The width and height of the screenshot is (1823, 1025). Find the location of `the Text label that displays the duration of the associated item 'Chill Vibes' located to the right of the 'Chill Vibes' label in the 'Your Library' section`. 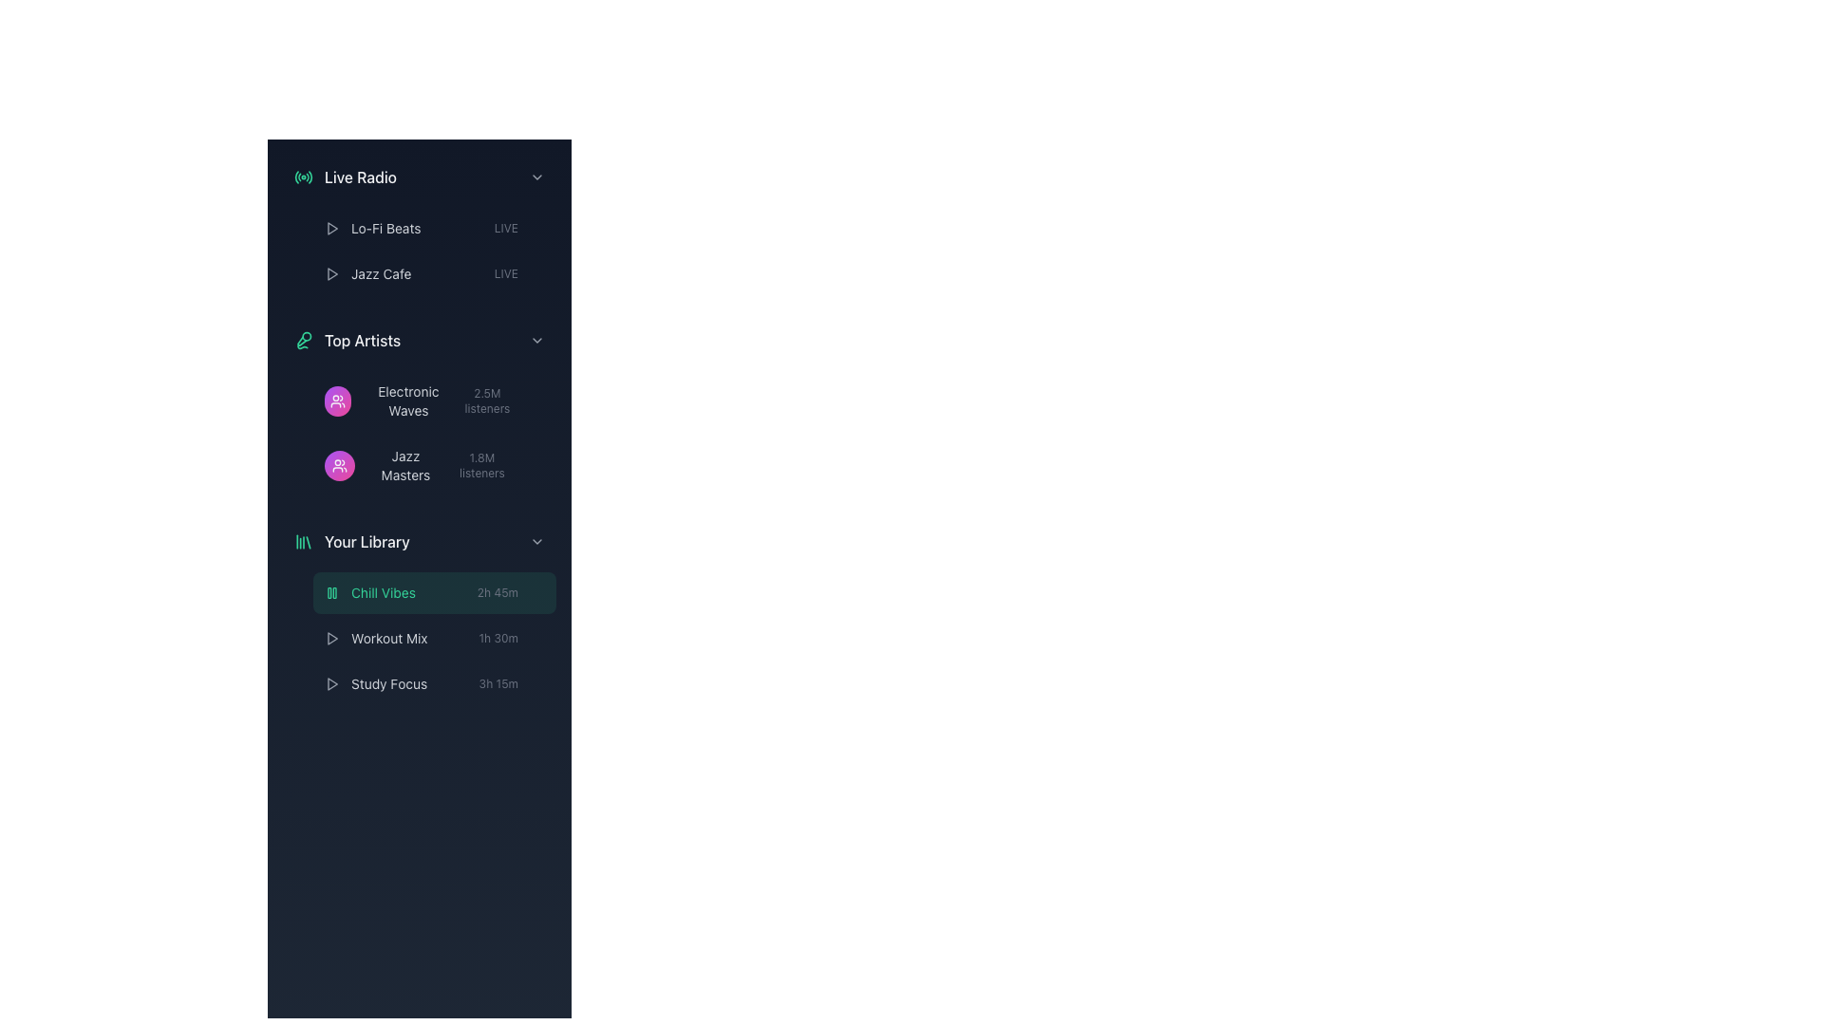

the Text label that displays the duration of the associated item 'Chill Vibes' located to the right of the 'Chill Vibes' label in the 'Your Library' section is located at coordinates (498, 591).